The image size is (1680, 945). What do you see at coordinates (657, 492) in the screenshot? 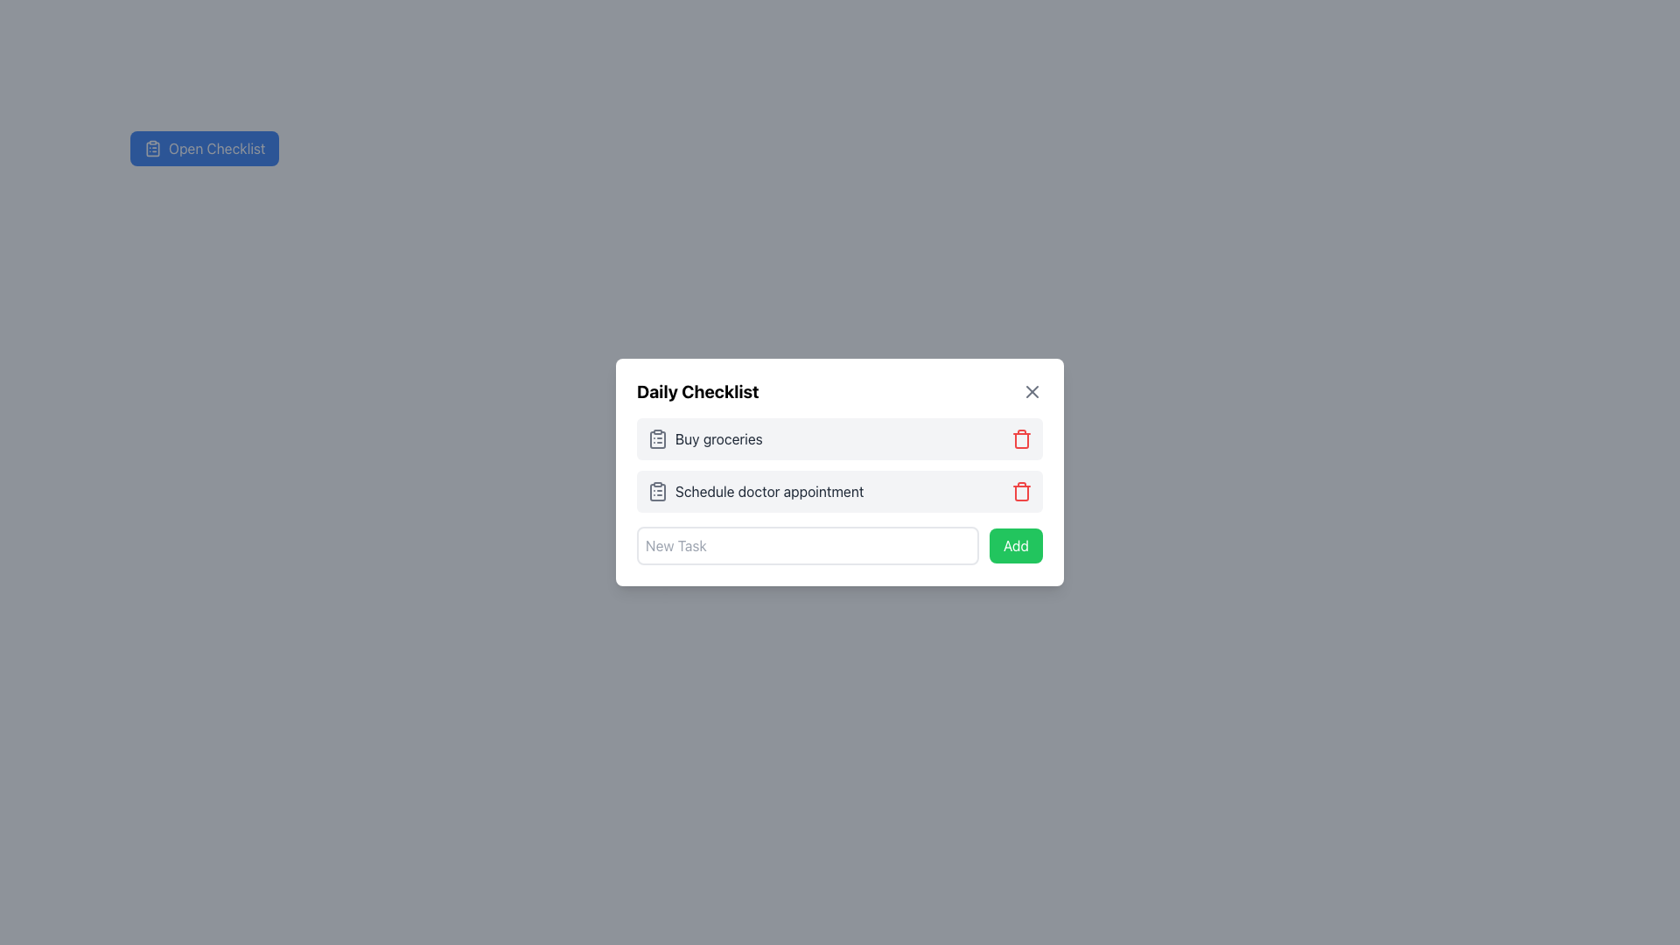
I see `the clipboard icon, which is characterized by a rectangular shape with rounded corners and a smaller protruding rectangle at the top, located to the left of the text 'Schedule doctor appointment' in the 'Daily Checklist' modal dialog box` at bounding box center [657, 492].